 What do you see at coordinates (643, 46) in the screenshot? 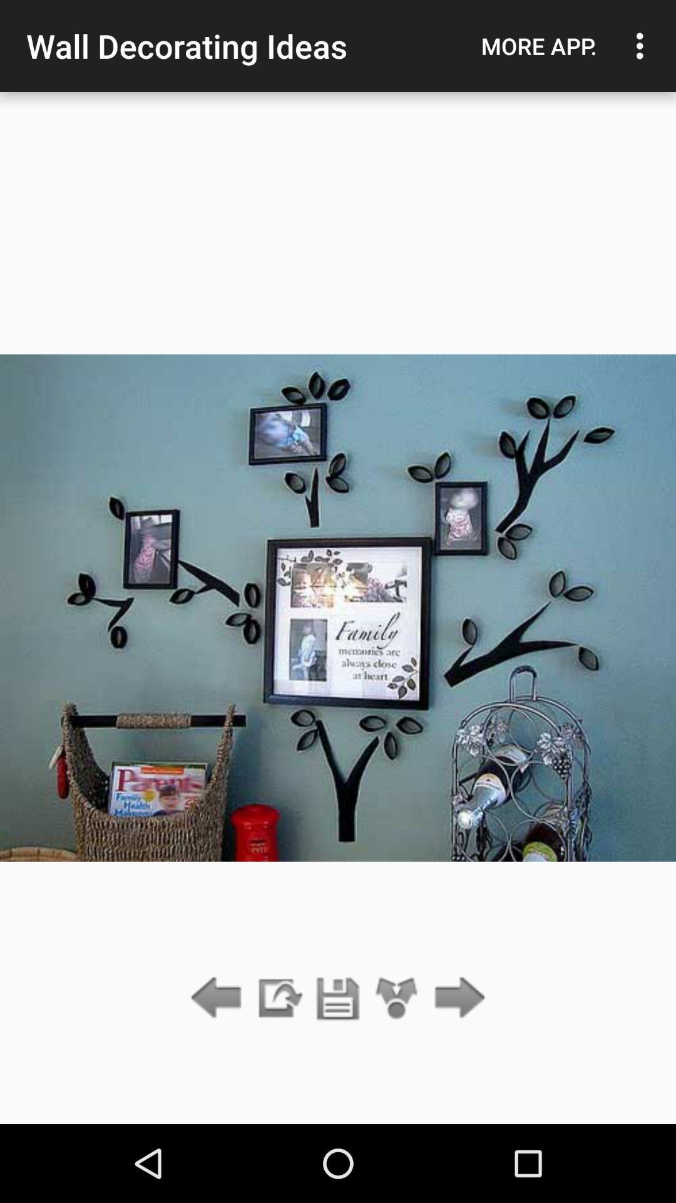
I see `the icon next to more app. icon` at bounding box center [643, 46].